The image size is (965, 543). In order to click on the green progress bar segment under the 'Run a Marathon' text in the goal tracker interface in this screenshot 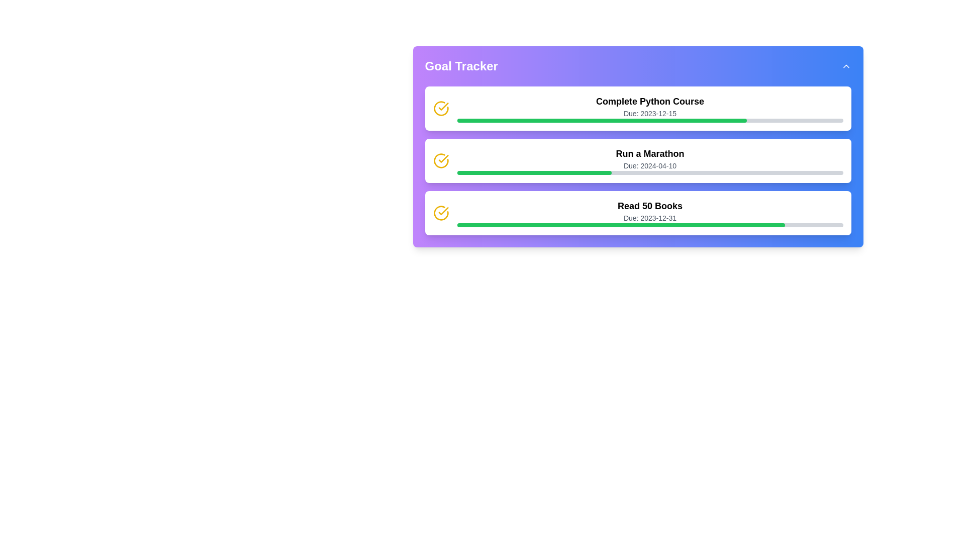, I will do `click(534, 172)`.